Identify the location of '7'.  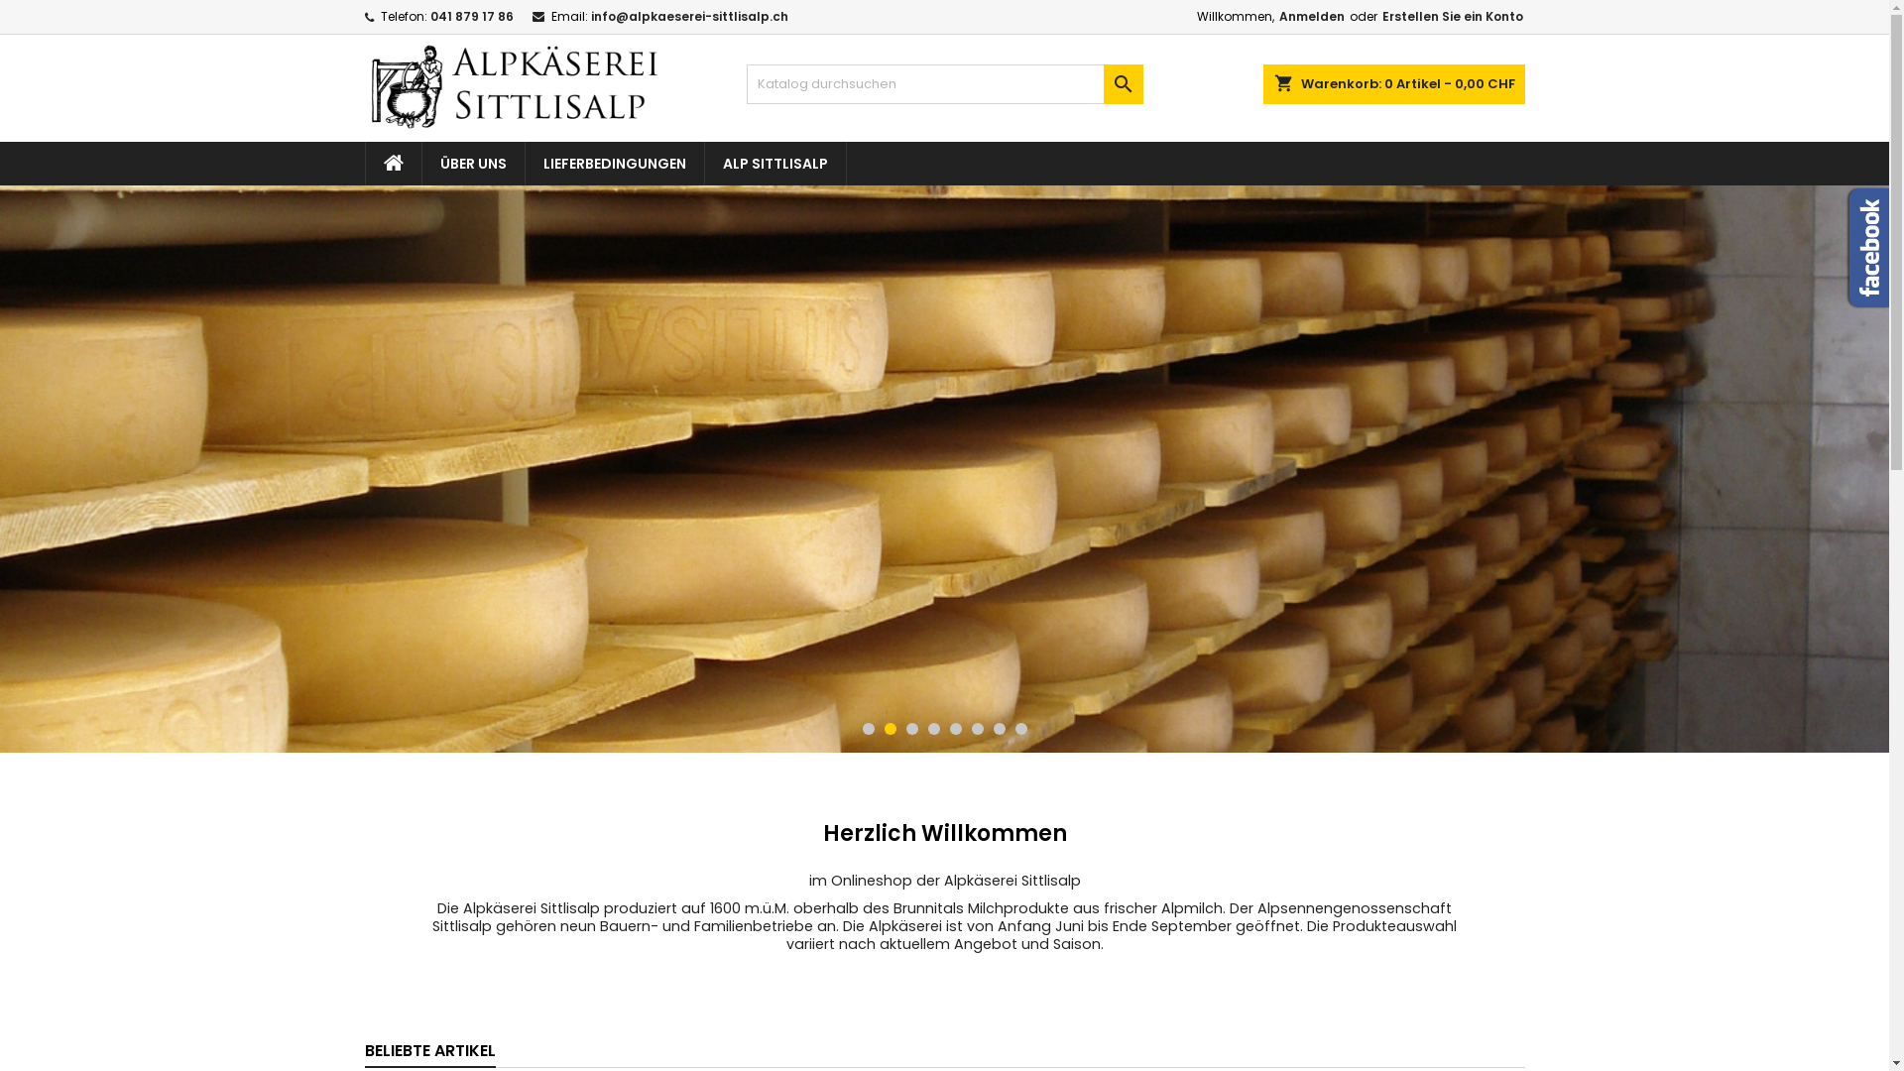
(1000, 729).